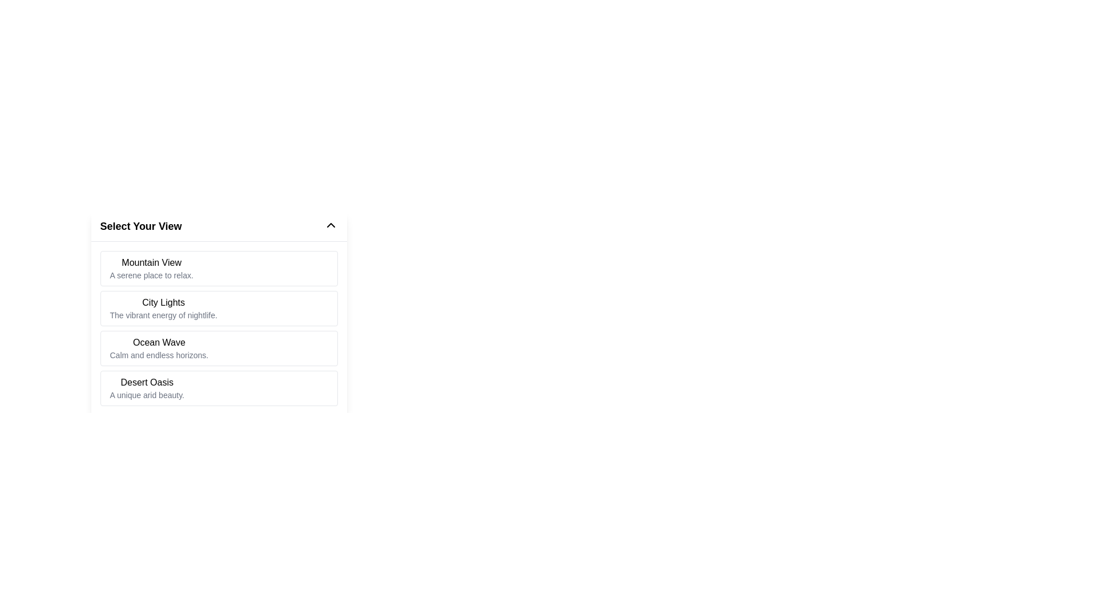 This screenshot has height=616, width=1096. What do you see at coordinates (151, 268) in the screenshot?
I see `the topmost list item option 'Mountain View' in the dropdown selection menu` at bounding box center [151, 268].